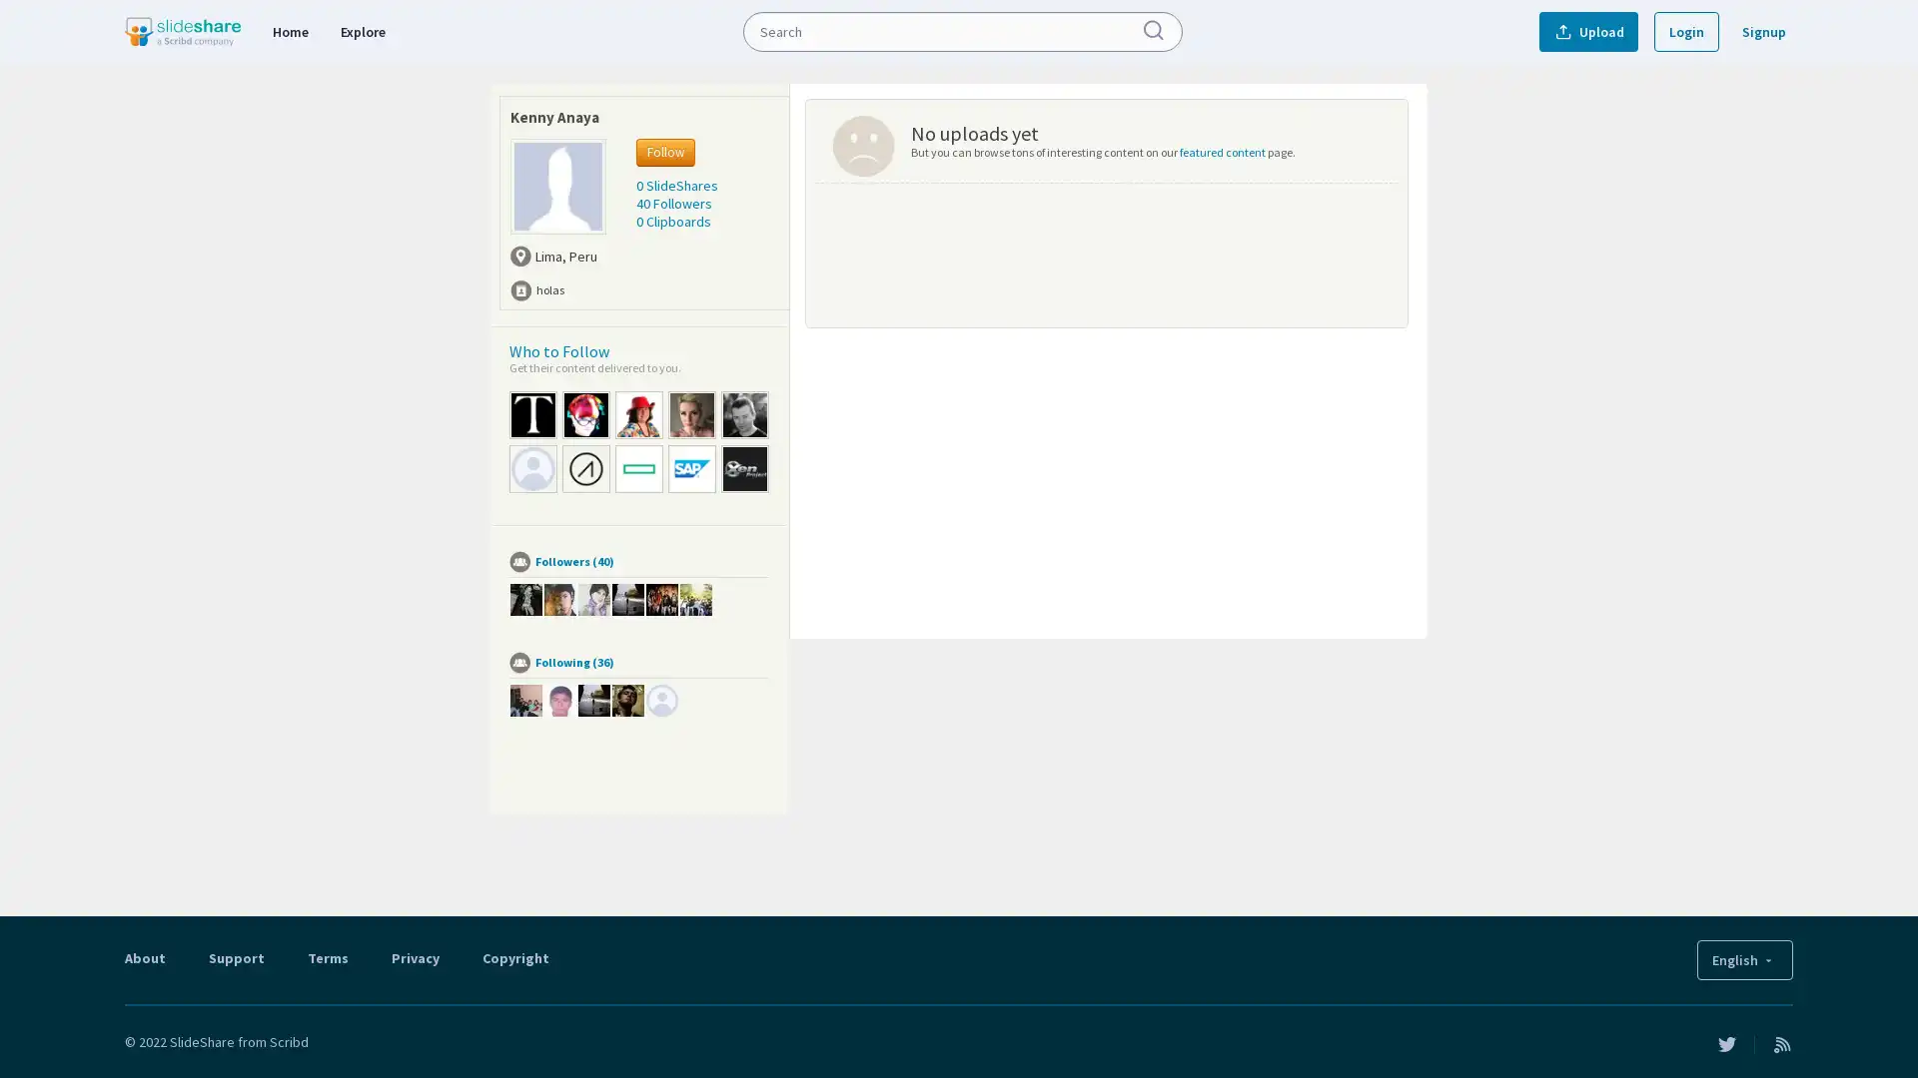 This screenshot has width=1918, height=1078. I want to click on Submit Search, so click(1151, 30).